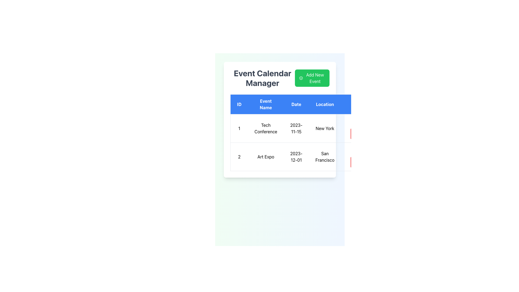 The image size is (519, 292). What do you see at coordinates (325, 104) in the screenshot?
I see `the 'Location' column header in the Event Calendar Manager table, which is the fourth column header located between the 'Date' and 'Actions' columns` at bounding box center [325, 104].